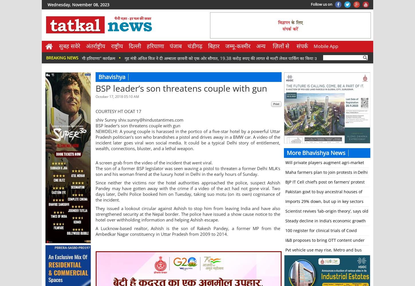  What do you see at coordinates (187, 214) in the screenshot?
I see `'They issued a lookout circular against Ashish to stop him from leaving India and have also strengthened security at the Nepal border. The police have issued a show cause notice to the hotel over withholding information and helping Ashish escape.'` at bounding box center [187, 214].